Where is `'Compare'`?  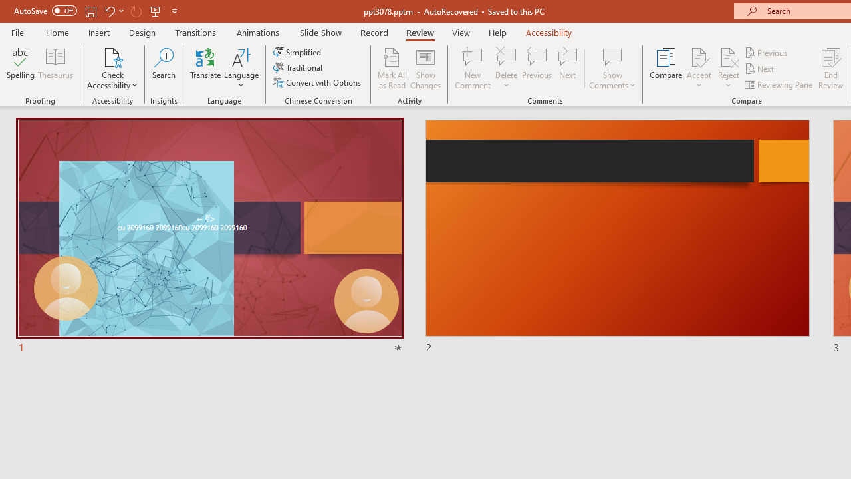 'Compare' is located at coordinates (666, 69).